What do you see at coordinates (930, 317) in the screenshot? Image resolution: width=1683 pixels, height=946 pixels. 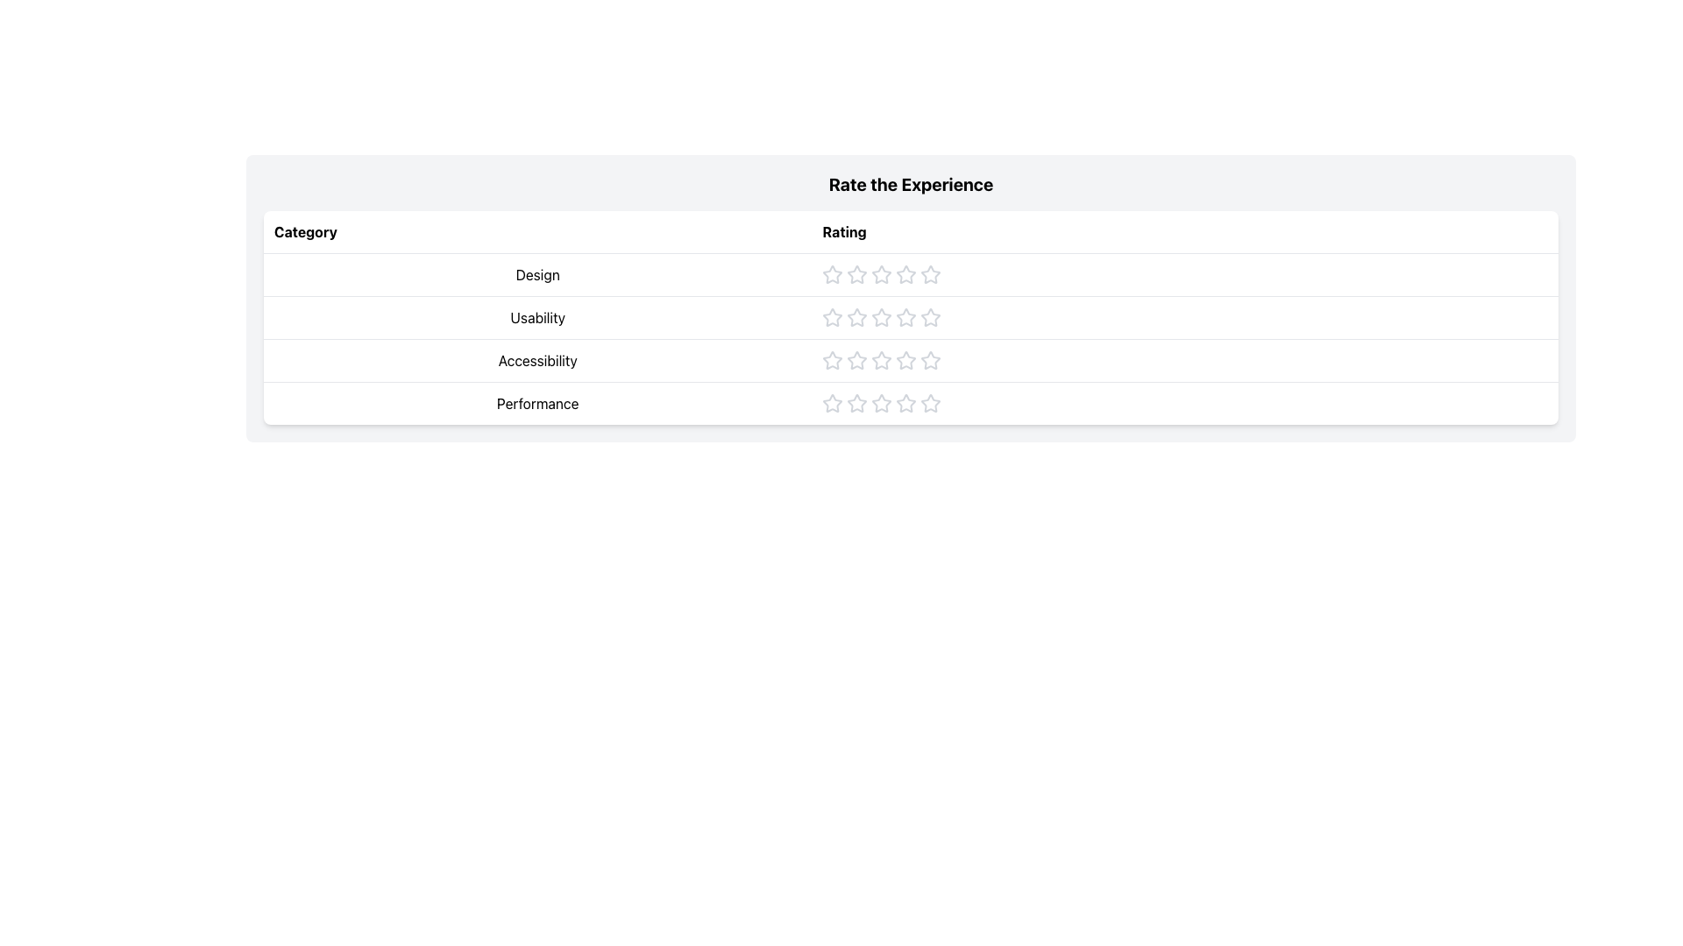 I see `the third star icon in the 'Usability' row under the 'Rate the Experience' table` at bounding box center [930, 317].